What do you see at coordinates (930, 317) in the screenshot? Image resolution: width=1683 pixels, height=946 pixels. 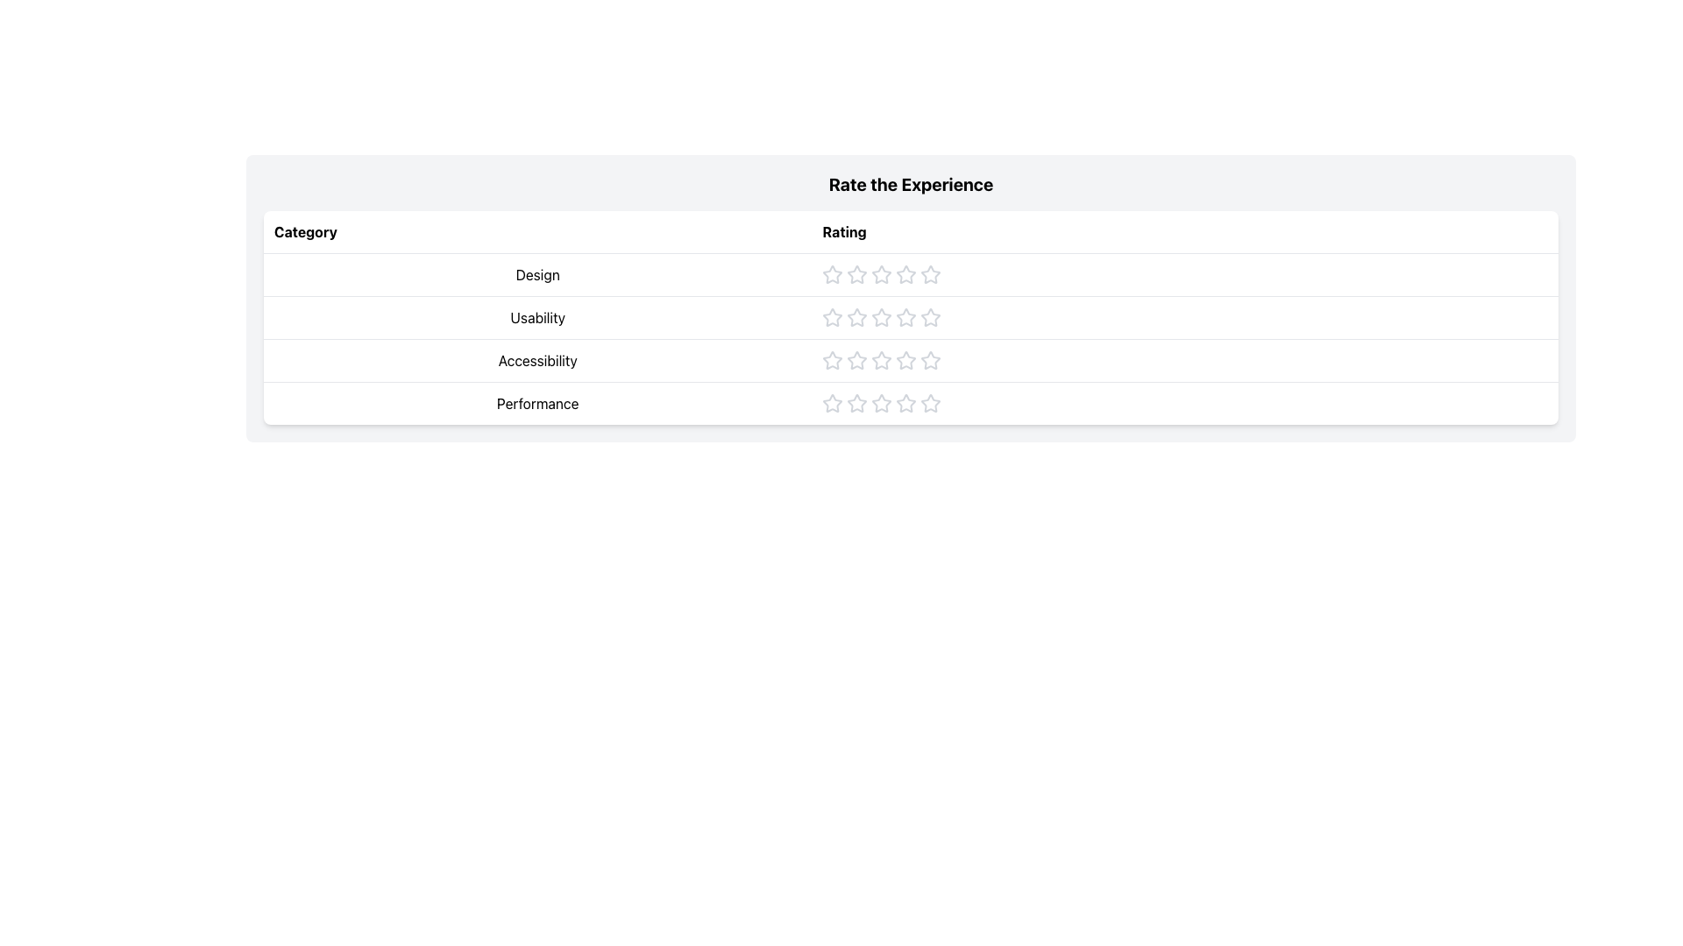 I see `the third star icon in the 'Usability' row under the 'Rate the Experience' table` at bounding box center [930, 317].